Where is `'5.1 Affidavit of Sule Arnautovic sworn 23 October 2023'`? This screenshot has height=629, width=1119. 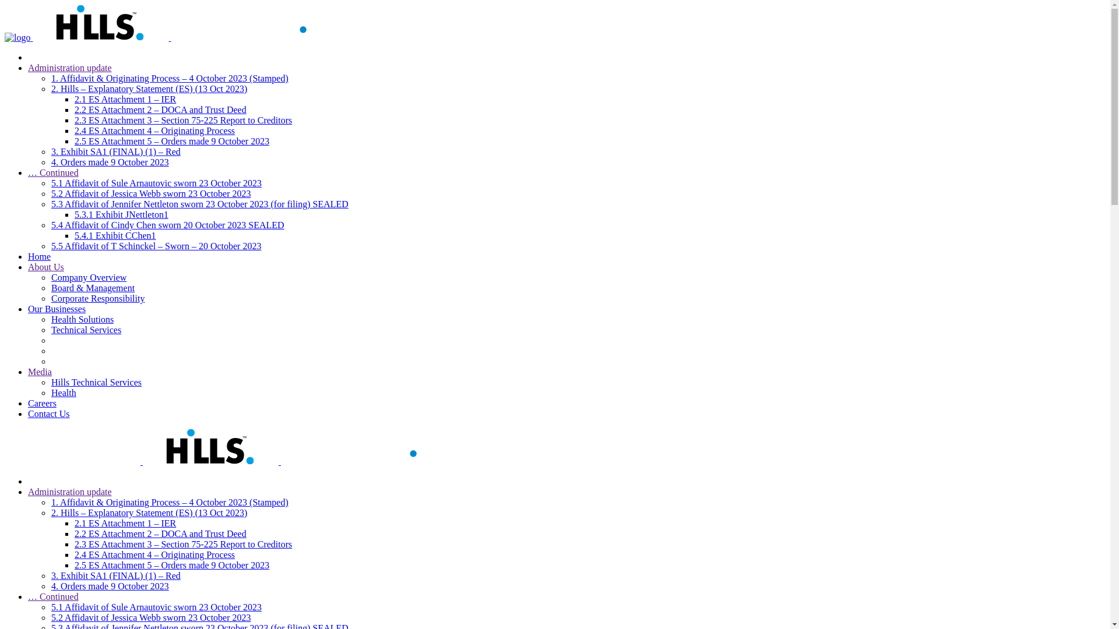
'5.1 Affidavit of Sule Arnautovic sworn 23 October 2023' is located at coordinates (156, 606).